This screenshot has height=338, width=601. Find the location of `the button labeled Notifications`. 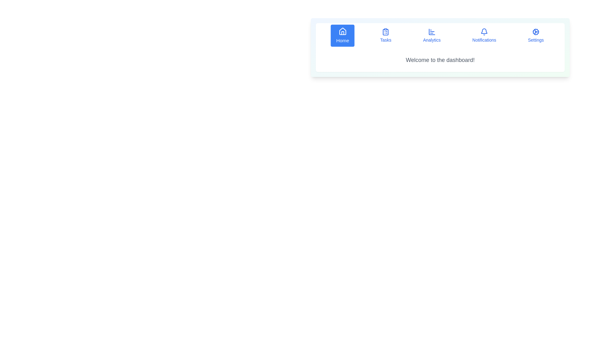

the button labeled Notifications is located at coordinates (484, 36).